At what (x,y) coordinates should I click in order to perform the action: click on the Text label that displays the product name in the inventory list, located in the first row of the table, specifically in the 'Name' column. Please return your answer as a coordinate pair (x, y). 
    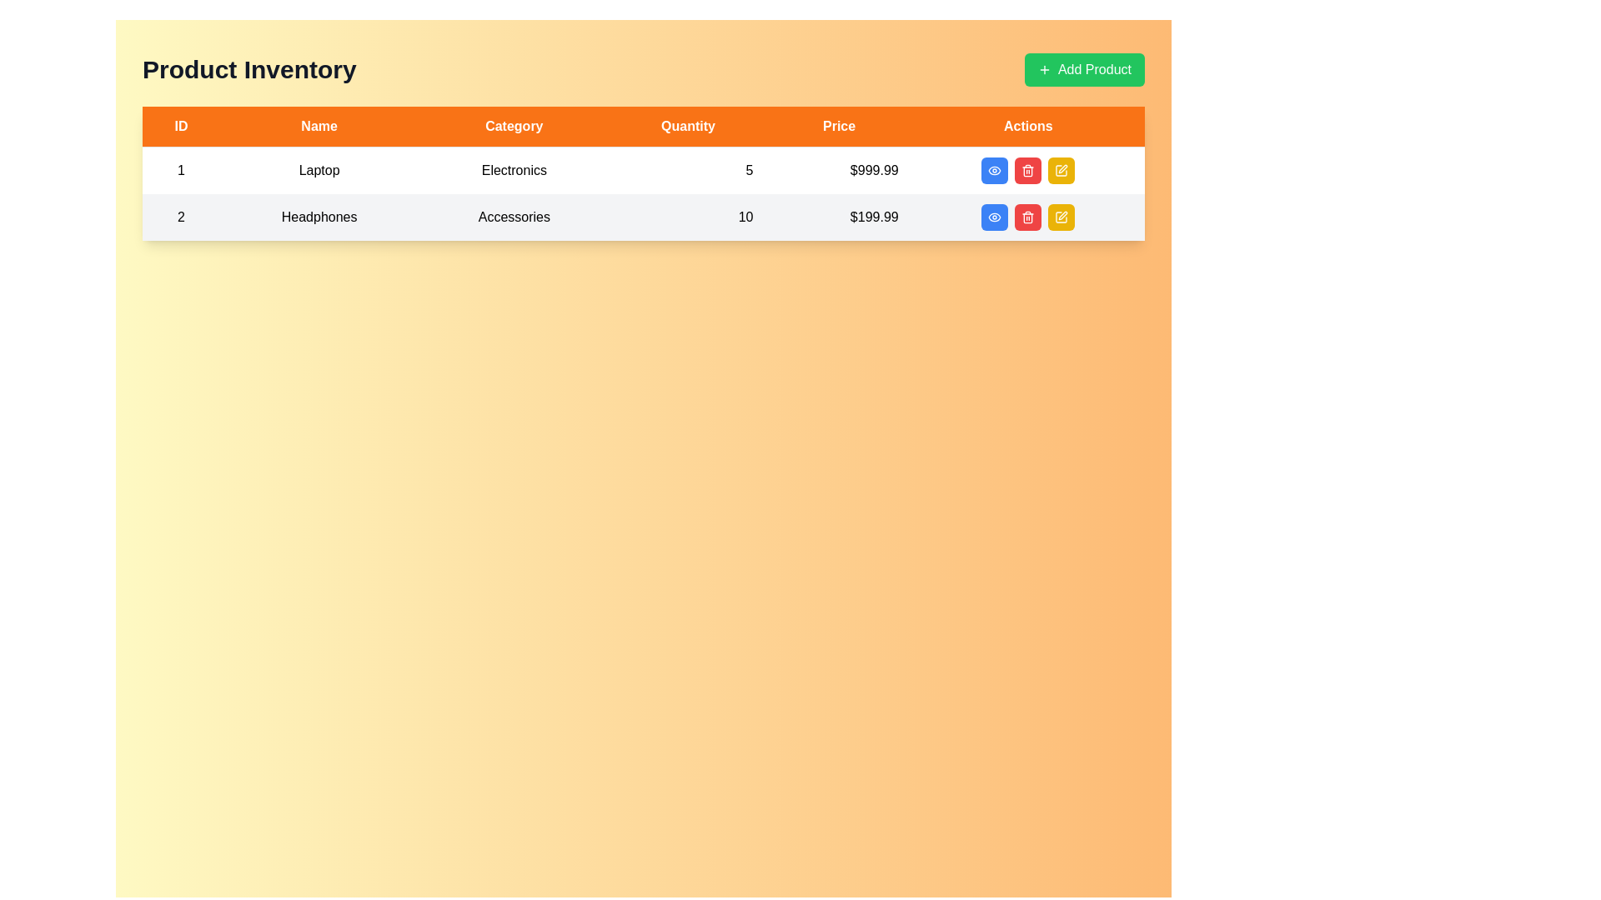
    Looking at the image, I should click on (319, 170).